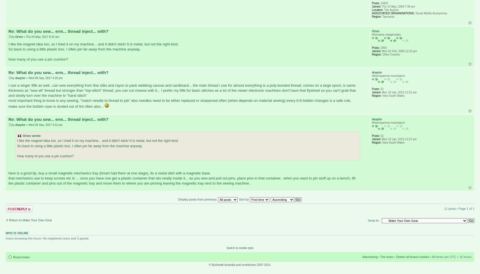 The image size is (480, 274). I want to click on '» Wed 06 Sep, 2017 4:25 pm', so click(44, 77).